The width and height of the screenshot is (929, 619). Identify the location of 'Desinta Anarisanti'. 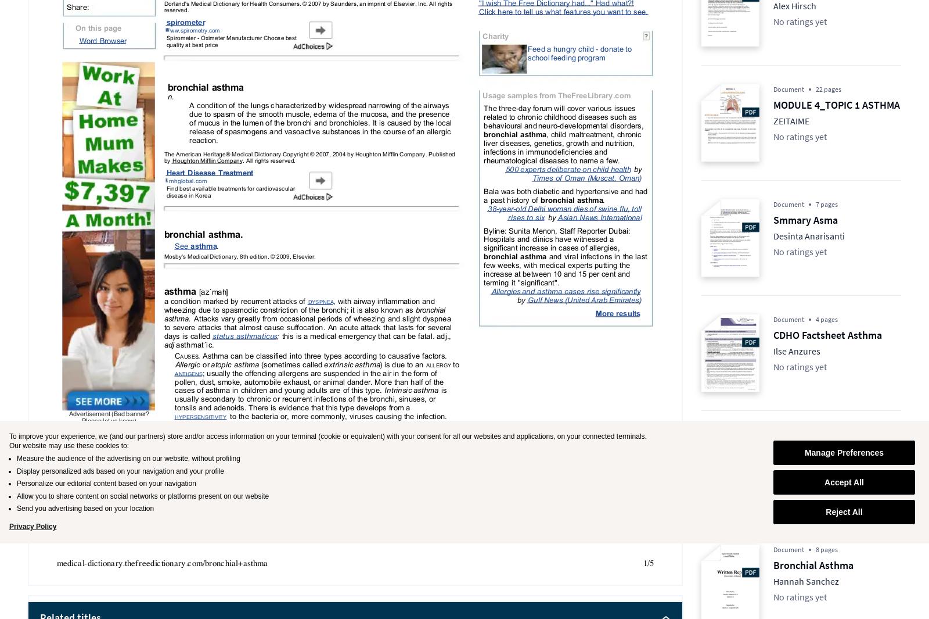
(808, 235).